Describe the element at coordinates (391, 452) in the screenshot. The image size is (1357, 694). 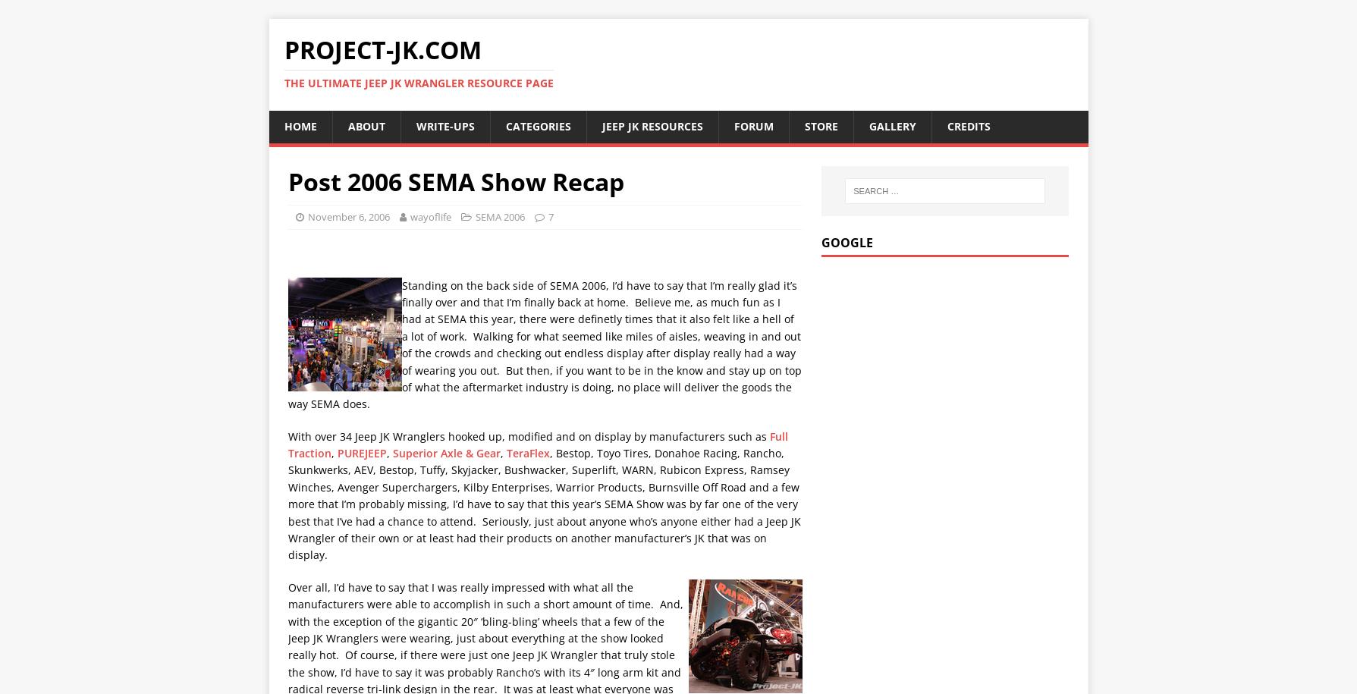
I see `'Superior Axle & Gear'` at that location.